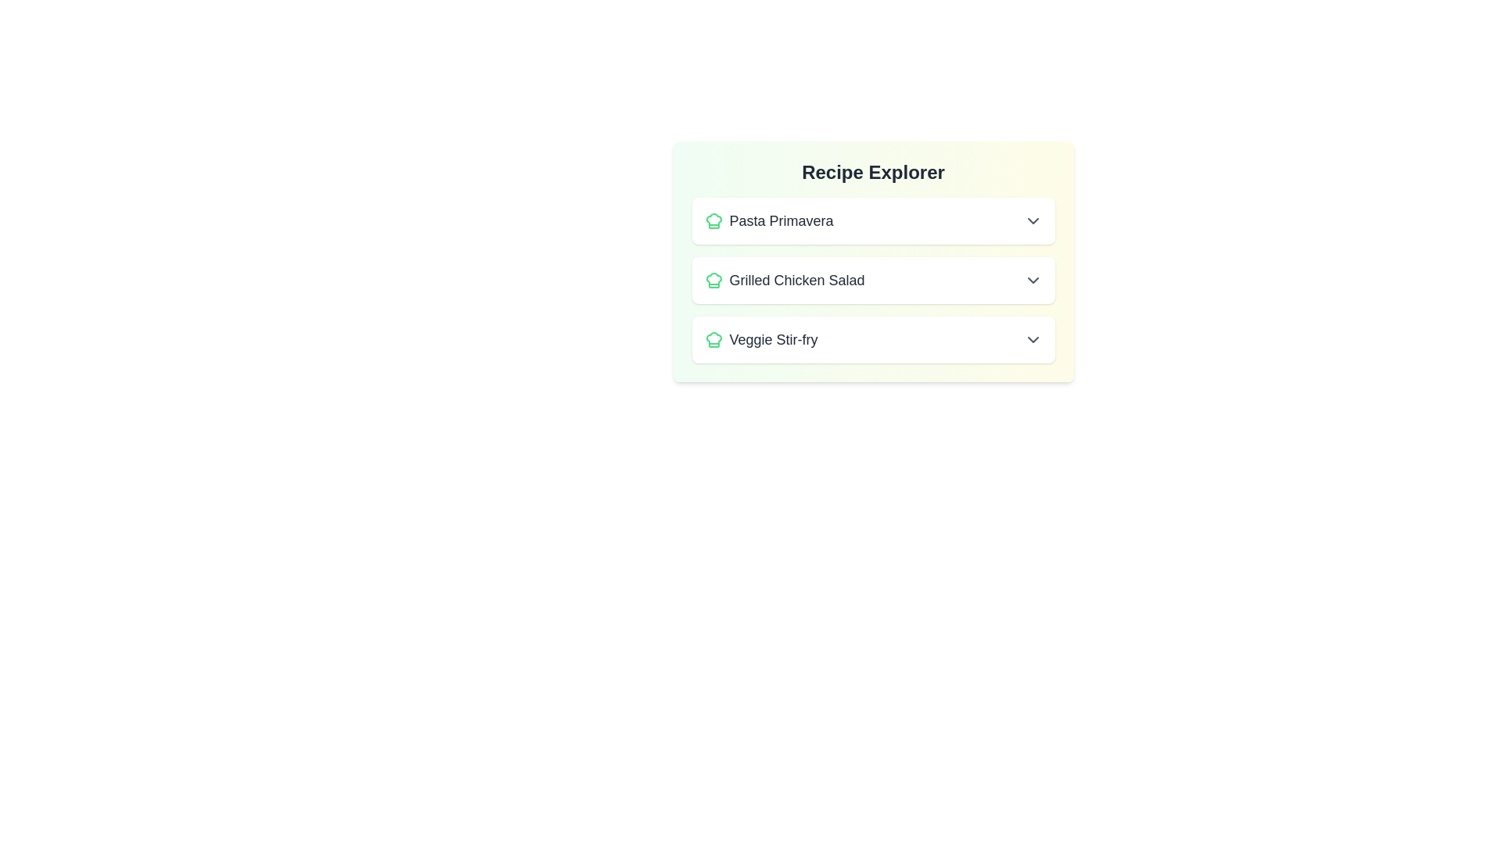  I want to click on the icon associated with Veggie Stir-fry, so click(713, 339).